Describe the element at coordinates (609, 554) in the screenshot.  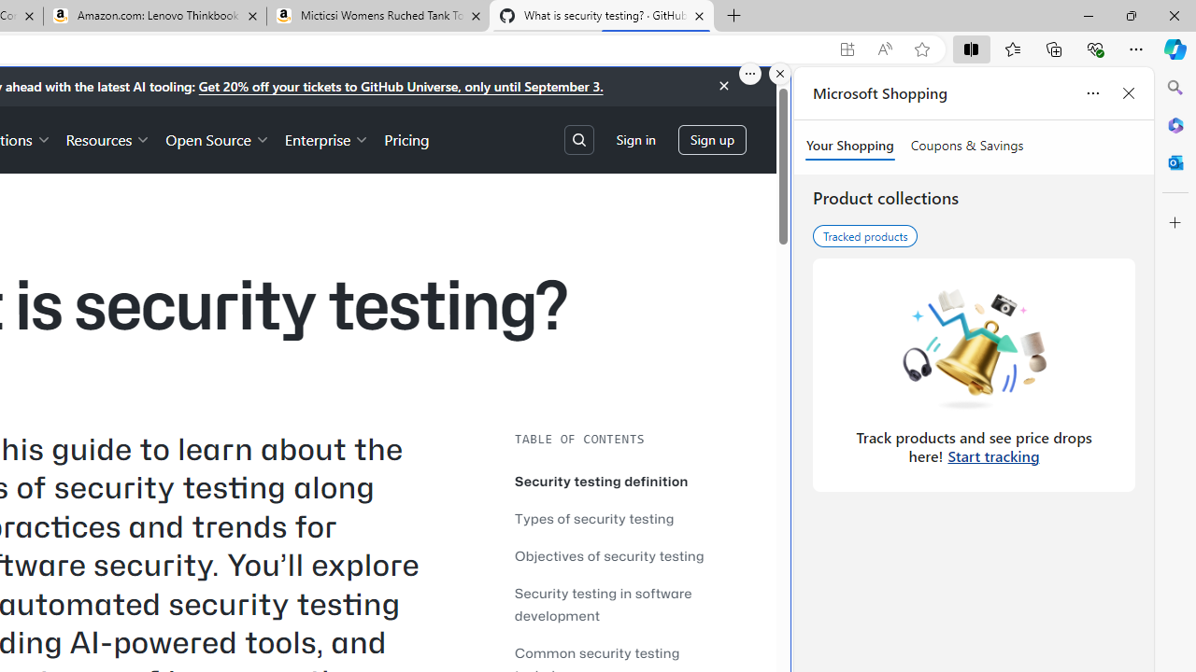
I see `'Objectives of security testing'` at that location.